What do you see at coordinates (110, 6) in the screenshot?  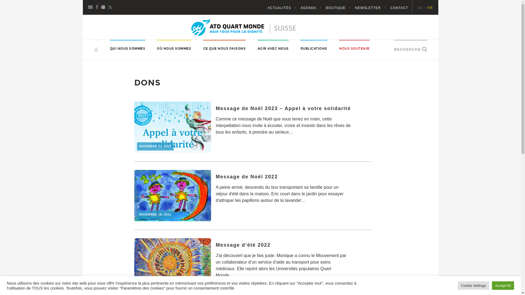 I see `'RSS'` at bounding box center [110, 6].